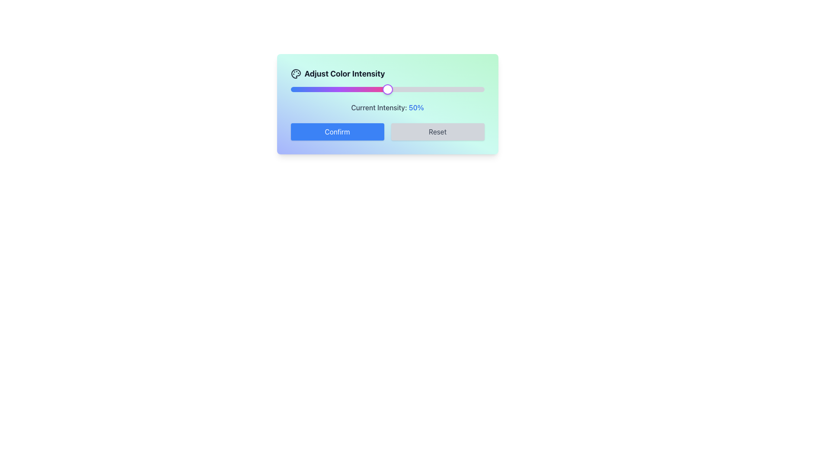  I want to click on the reset button located to the right of the 'Confirm' button, so click(437, 131).